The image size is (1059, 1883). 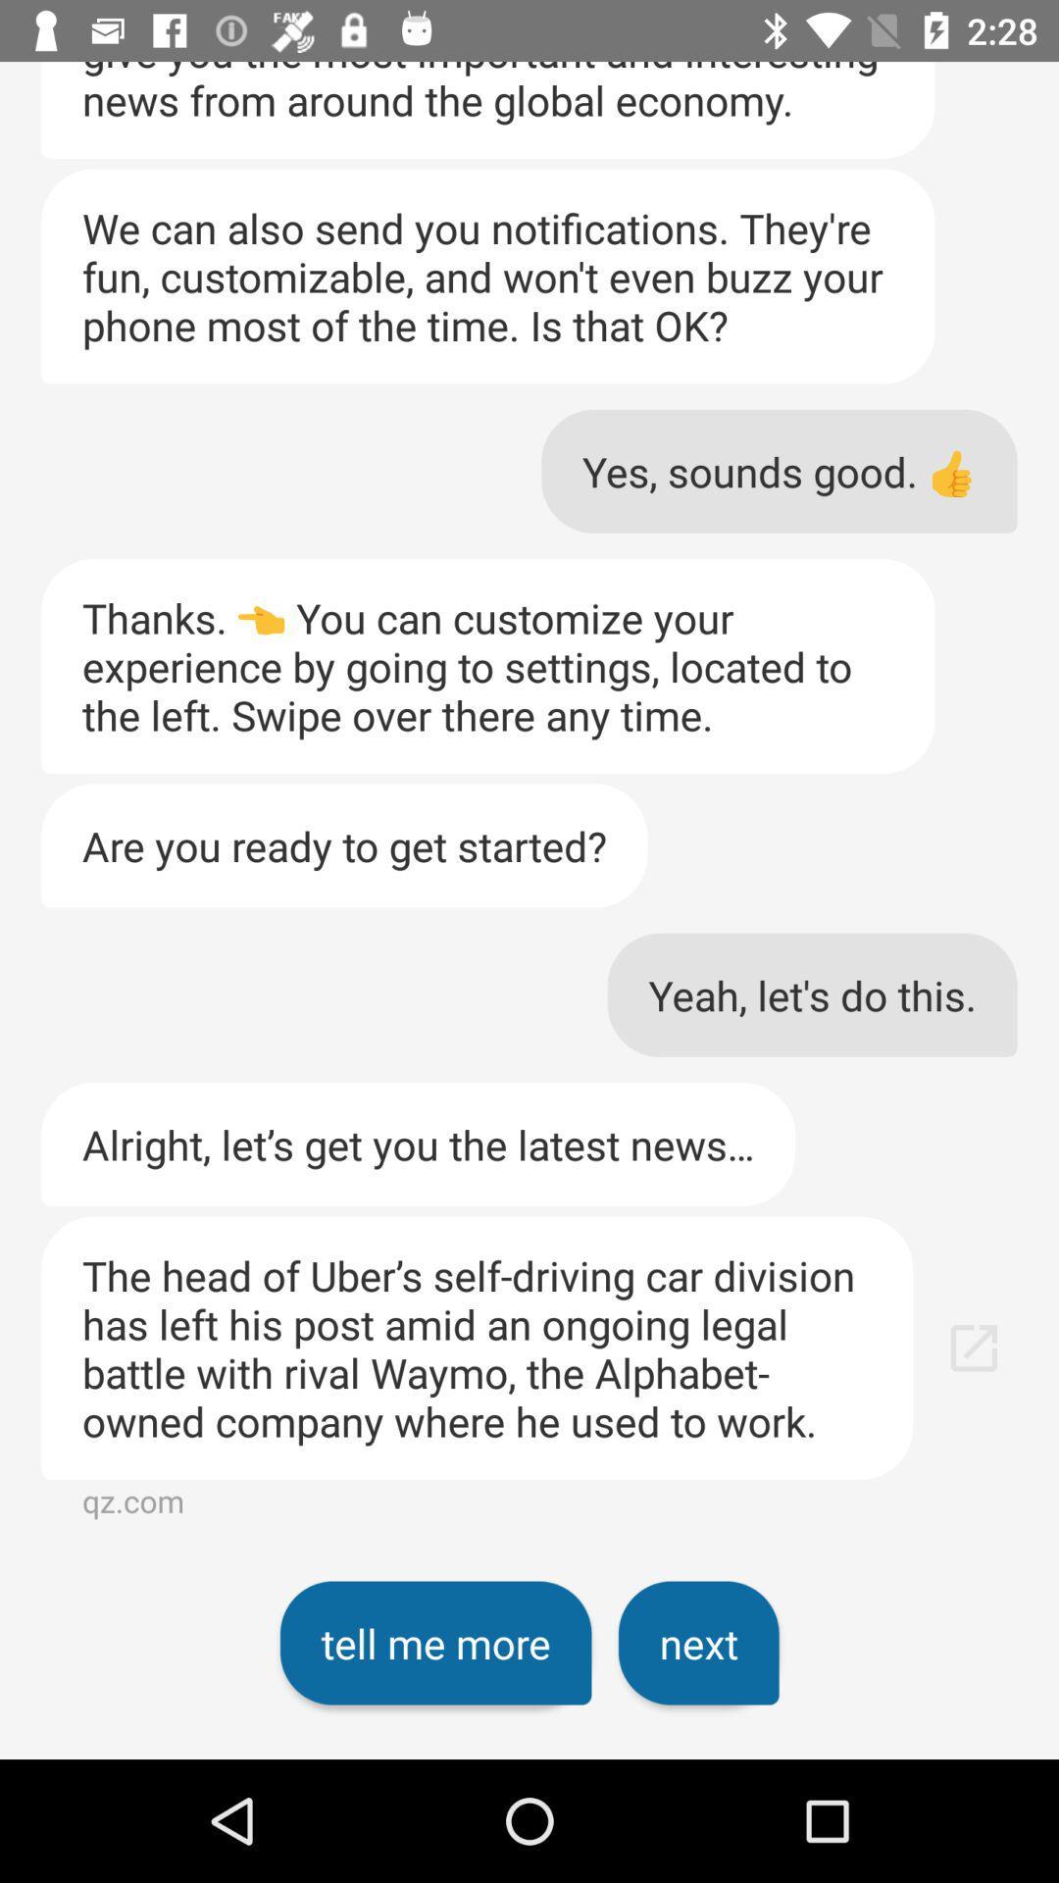 What do you see at coordinates (697, 1643) in the screenshot?
I see `icon below the the head of` at bounding box center [697, 1643].